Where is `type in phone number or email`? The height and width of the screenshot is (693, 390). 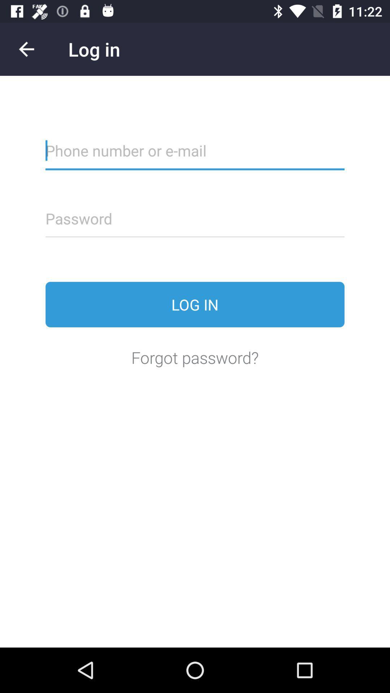 type in phone number or email is located at coordinates (195, 155).